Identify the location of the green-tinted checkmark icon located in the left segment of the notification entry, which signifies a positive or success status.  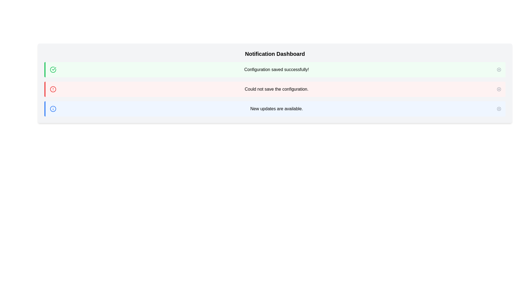
(54, 69).